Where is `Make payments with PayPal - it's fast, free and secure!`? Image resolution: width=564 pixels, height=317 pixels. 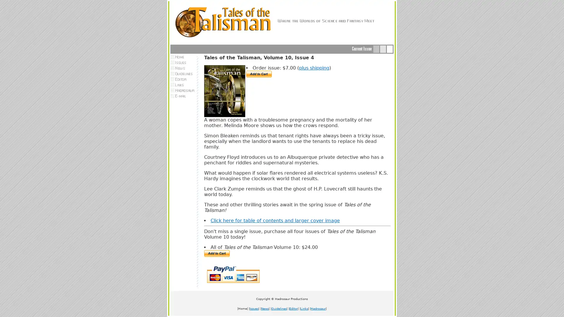 Make payments with PayPal - it's fast, free and secure! is located at coordinates (216, 253).